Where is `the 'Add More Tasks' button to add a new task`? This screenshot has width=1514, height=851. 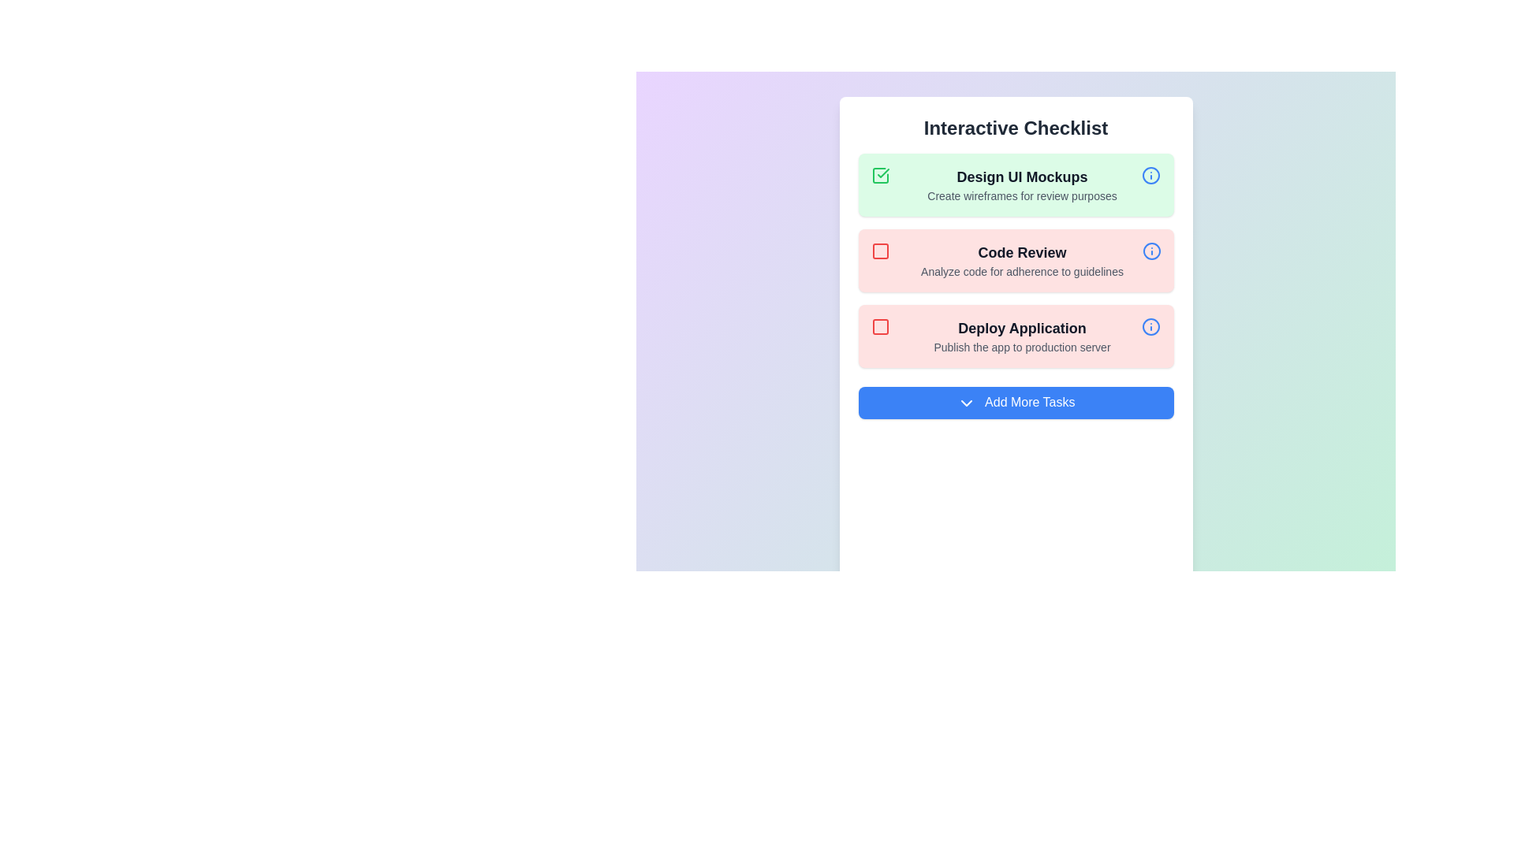
the 'Add More Tasks' button to add a new task is located at coordinates (1016, 402).